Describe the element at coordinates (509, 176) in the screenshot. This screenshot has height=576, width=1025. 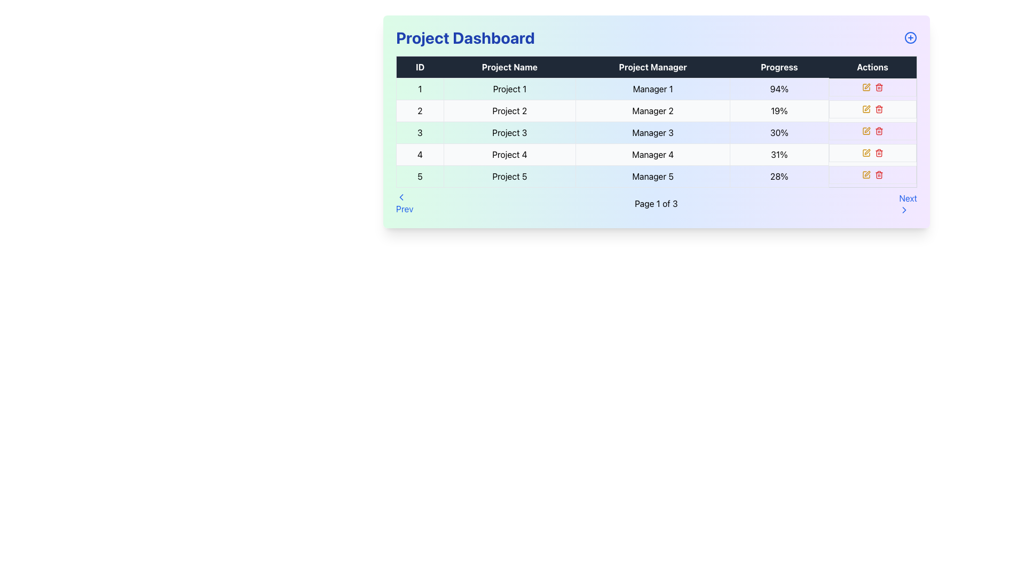
I see `the static text element displaying 'Project 5' located in the fifth row under the 'Project Name' column of the 'Project Dashboard' table` at that location.